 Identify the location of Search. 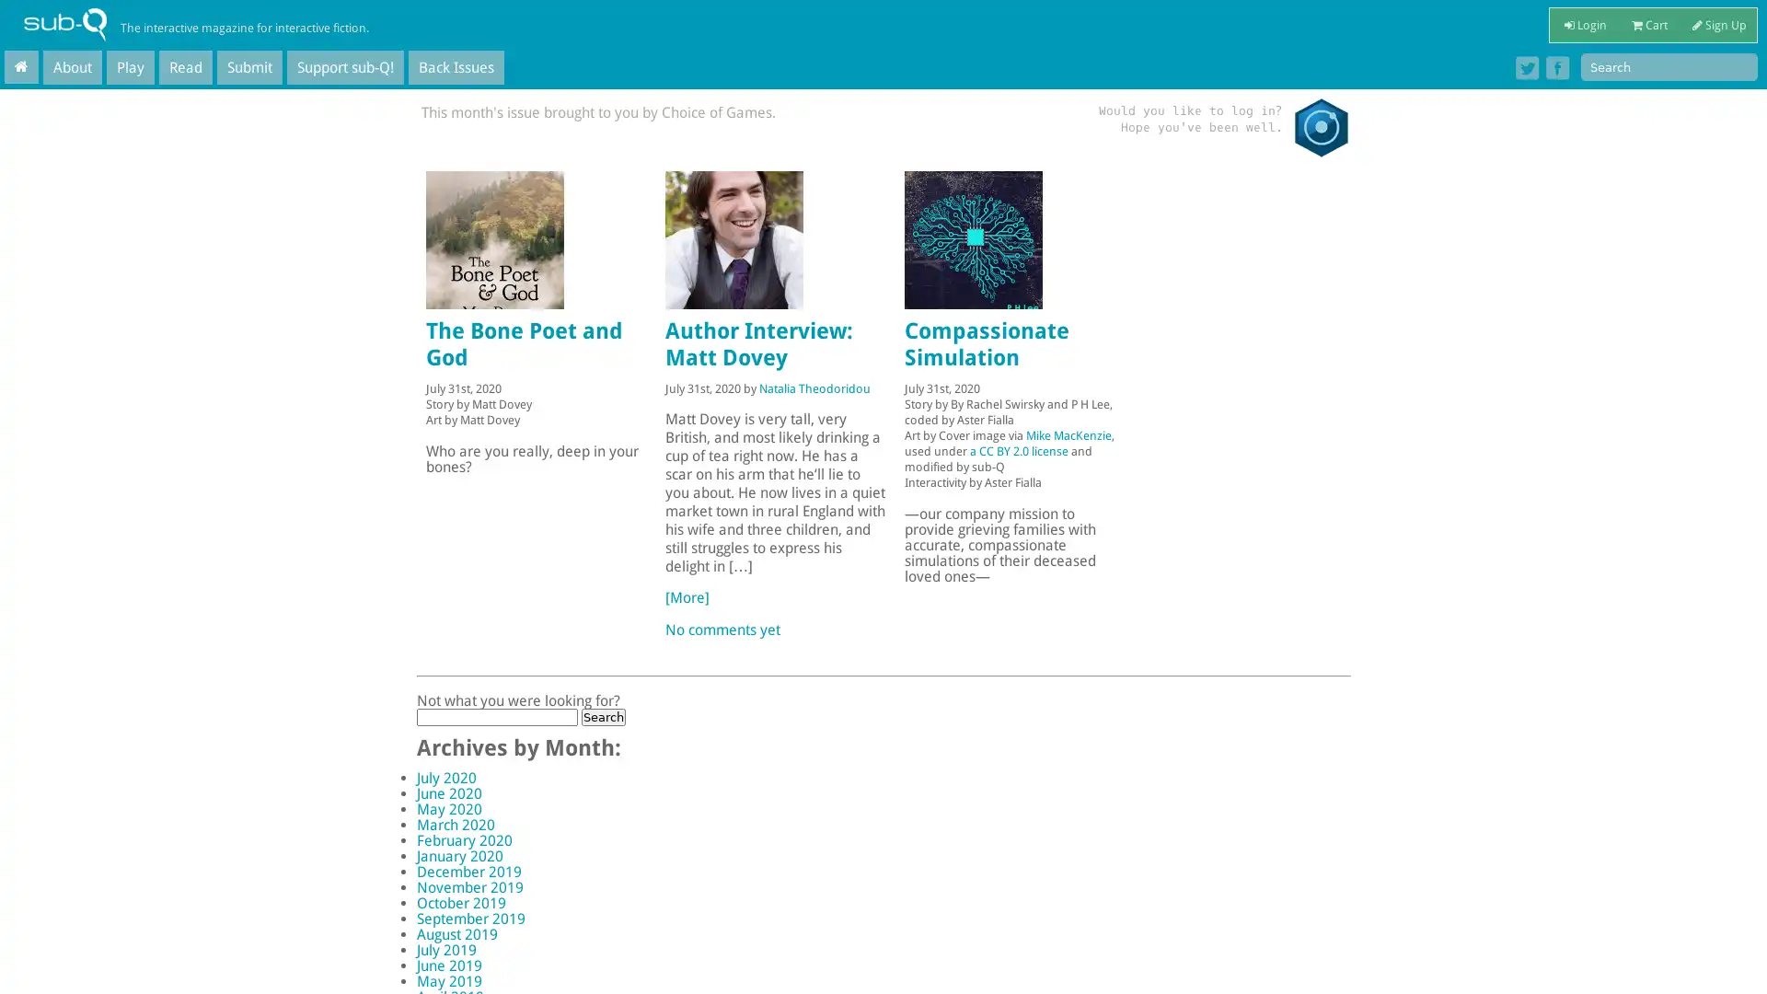
(602, 715).